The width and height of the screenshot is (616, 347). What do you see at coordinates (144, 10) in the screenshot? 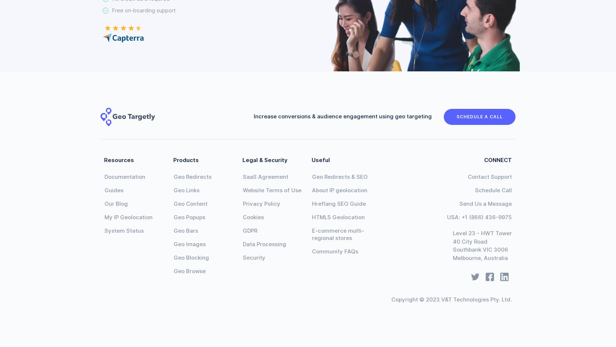
I see `'Free on-boarding support'` at bounding box center [144, 10].